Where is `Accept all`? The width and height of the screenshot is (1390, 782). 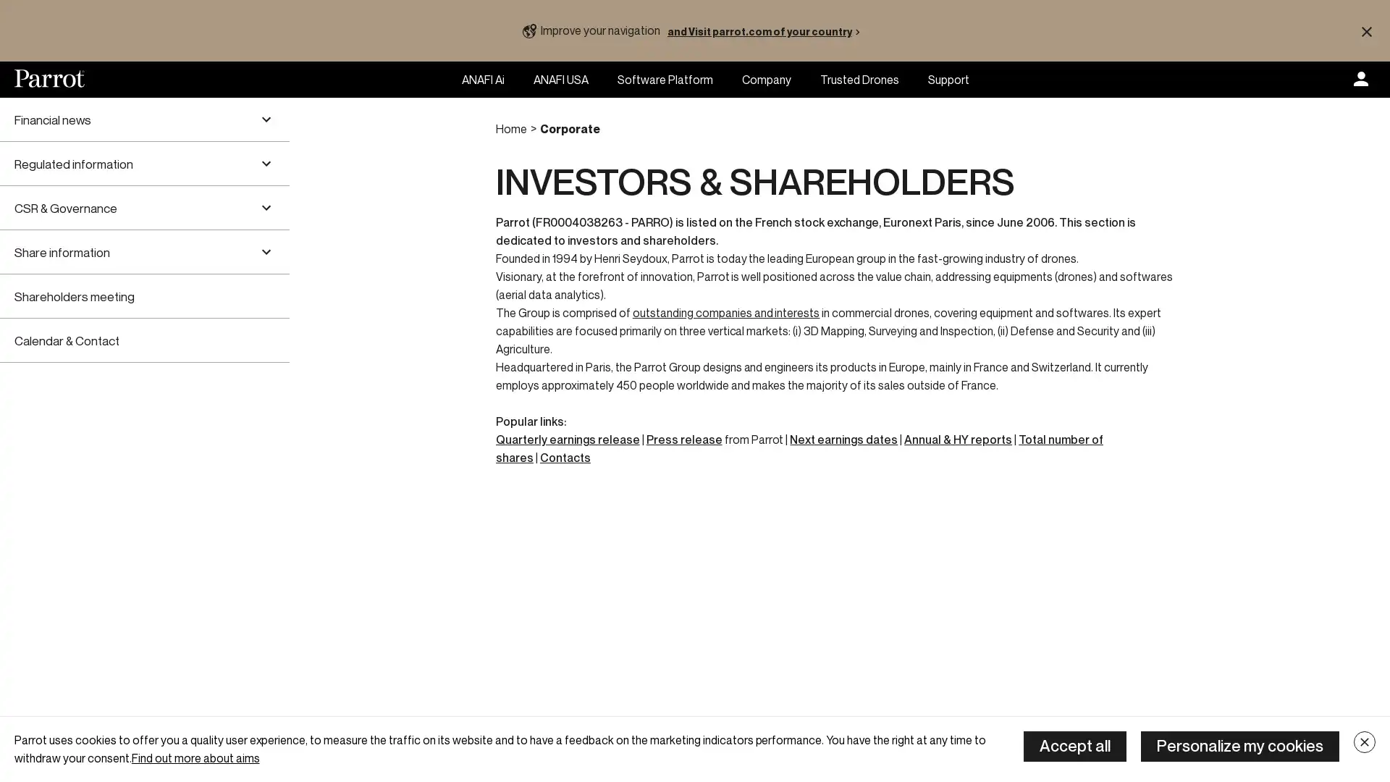 Accept all is located at coordinates (1074, 746).